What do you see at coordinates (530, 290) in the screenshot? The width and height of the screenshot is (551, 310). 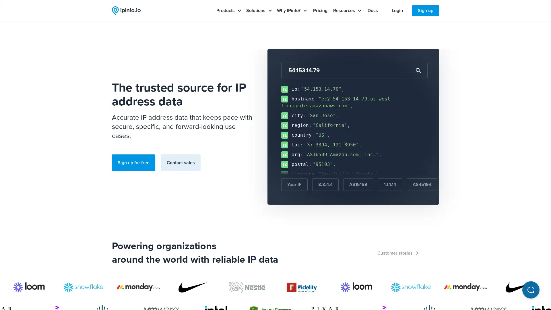 I see `Load Chat` at bounding box center [530, 290].